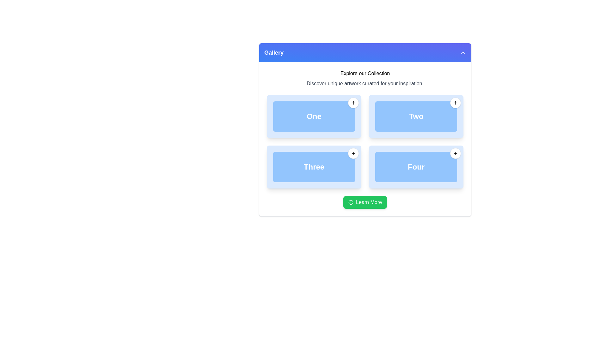 The image size is (607, 341). Describe the element at coordinates (314, 117) in the screenshot. I see `the Text label located in the first blue tile in the top-left corner of a 2x2 grid of similar blue tiles` at that location.